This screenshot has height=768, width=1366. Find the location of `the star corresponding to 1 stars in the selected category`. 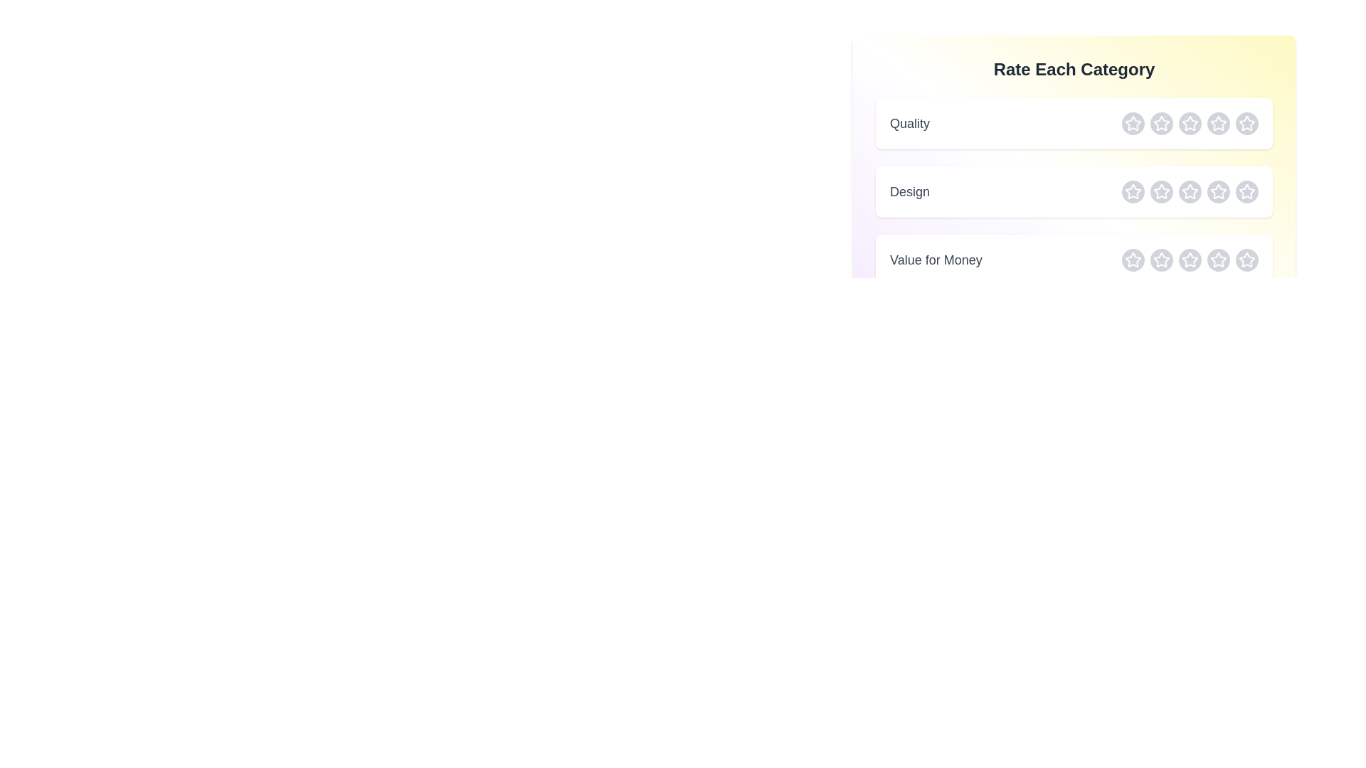

the star corresponding to 1 stars in the selected category is located at coordinates (1133, 122).